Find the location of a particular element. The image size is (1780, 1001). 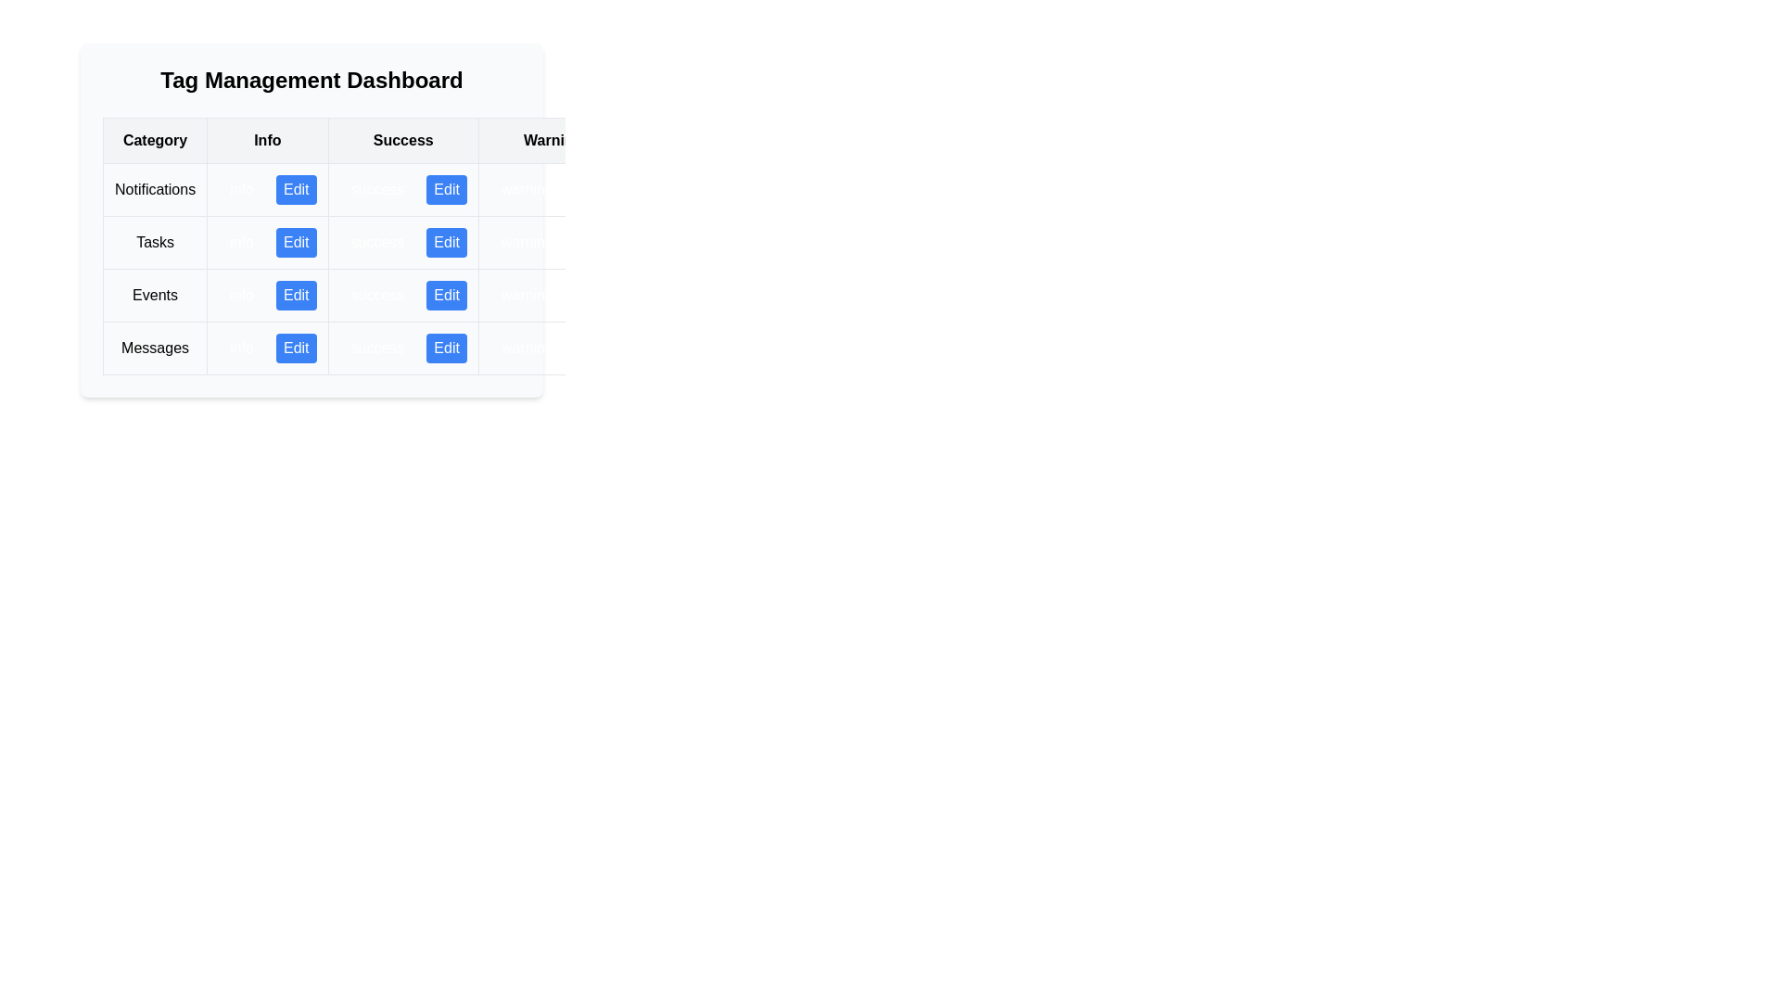

the 'Edit' button within the 'Messages' row in the table is located at coordinates (266, 348).